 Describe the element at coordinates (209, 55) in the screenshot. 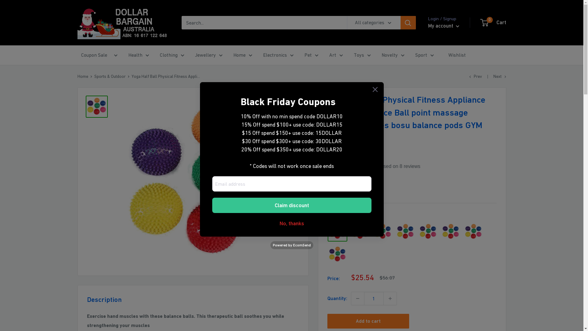

I see `'Jewellery'` at that location.